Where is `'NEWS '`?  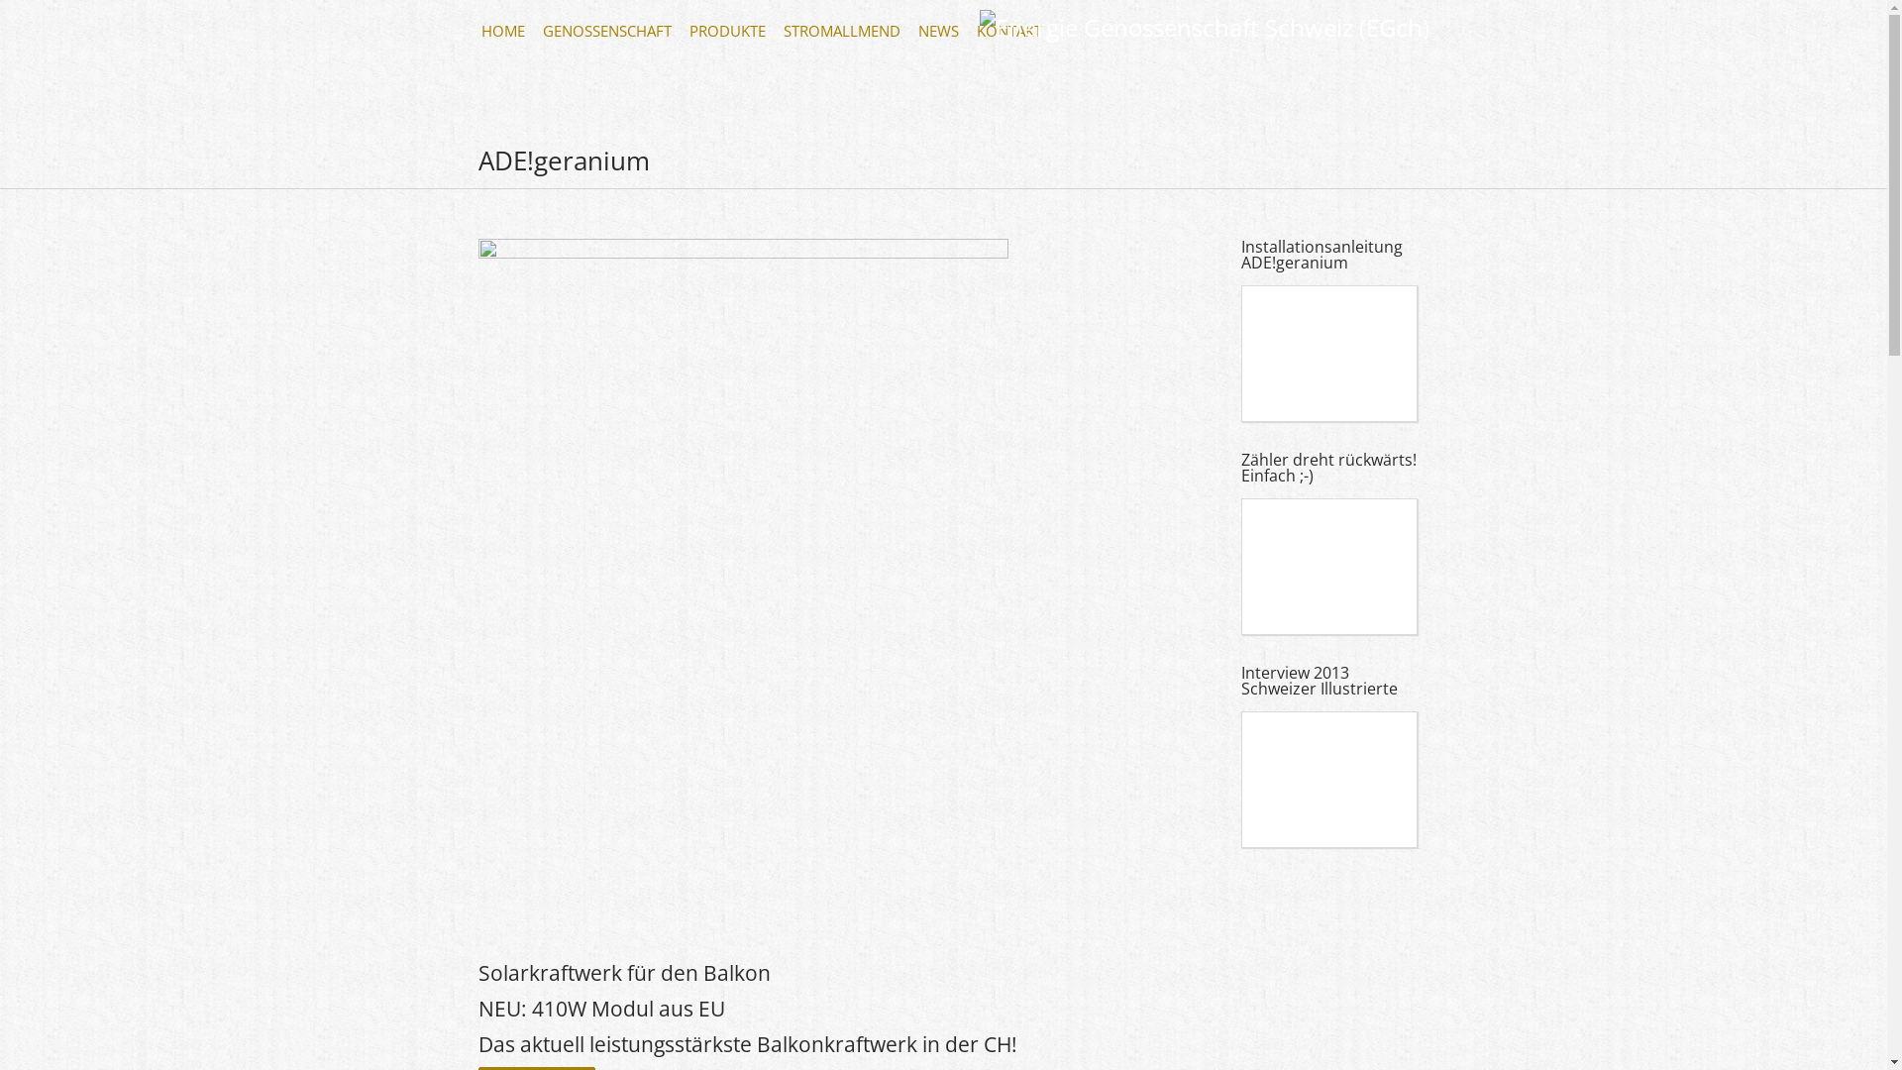 'NEWS ' is located at coordinates (938, 25).